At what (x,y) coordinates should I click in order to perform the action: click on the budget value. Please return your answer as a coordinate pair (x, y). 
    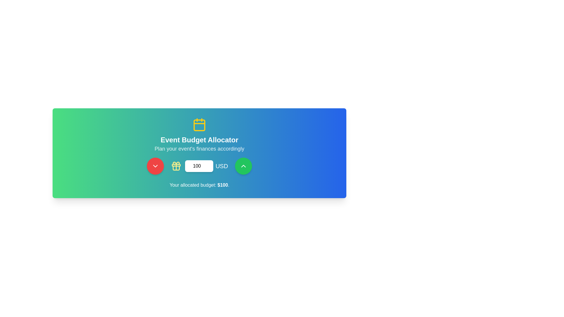
    Looking at the image, I should click on (199, 166).